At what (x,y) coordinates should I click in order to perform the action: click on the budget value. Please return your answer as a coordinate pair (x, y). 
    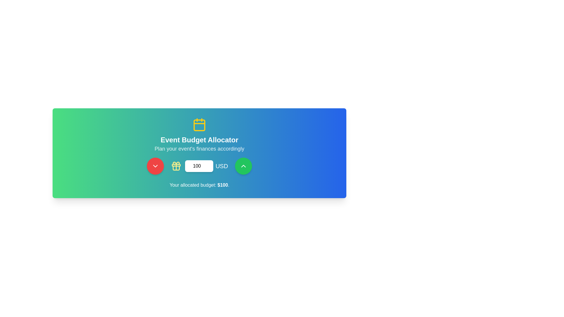
    Looking at the image, I should click on (199, 166).